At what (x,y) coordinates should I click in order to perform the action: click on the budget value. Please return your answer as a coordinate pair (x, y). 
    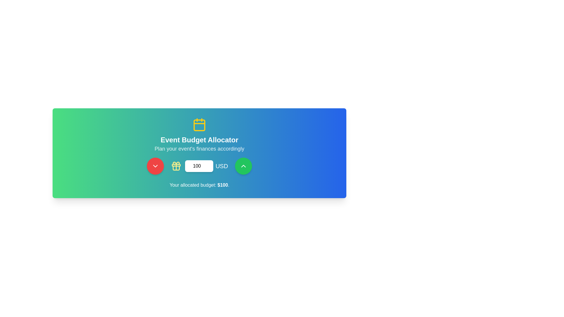
    Looking at the image, I should click on (199, 166).